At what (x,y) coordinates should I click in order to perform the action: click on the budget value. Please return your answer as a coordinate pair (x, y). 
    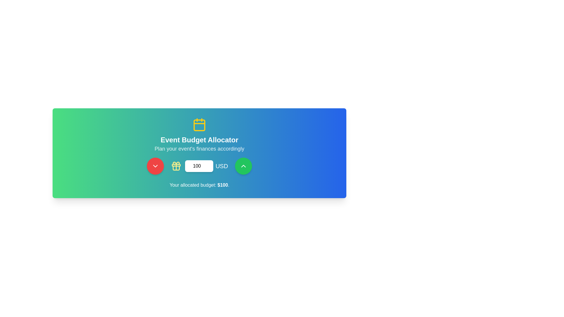
    Looking at the image, I should click on (199, 166).